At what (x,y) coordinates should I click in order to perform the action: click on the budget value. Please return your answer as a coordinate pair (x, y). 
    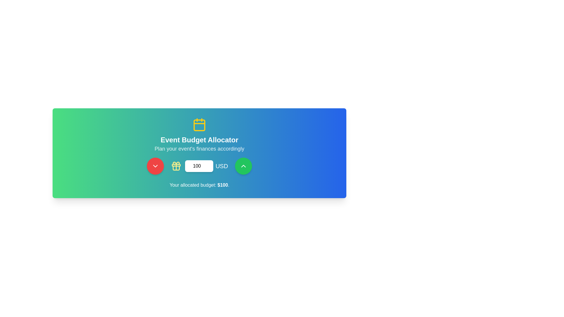
    Looking at the image, I should click on (199, 166).